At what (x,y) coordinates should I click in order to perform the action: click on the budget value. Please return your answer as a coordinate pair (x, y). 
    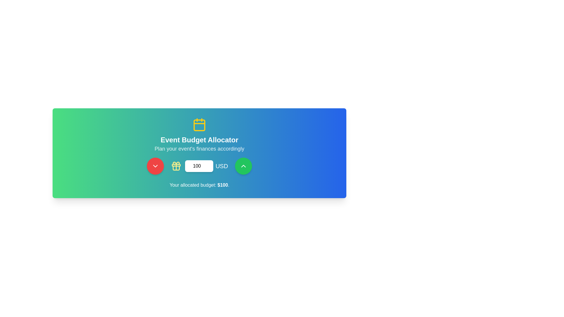
    Looking at the image, I should click on (199, 166).